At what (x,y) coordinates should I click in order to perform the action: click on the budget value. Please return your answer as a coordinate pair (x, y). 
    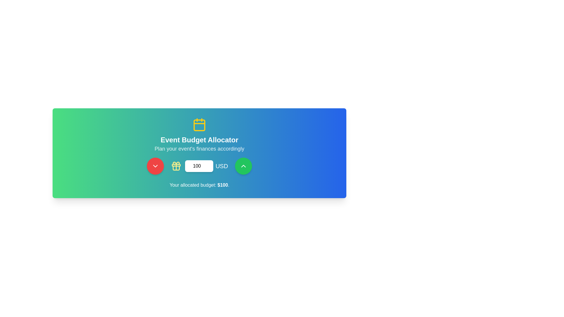
    Looking at the image, I should click on (199, 166).